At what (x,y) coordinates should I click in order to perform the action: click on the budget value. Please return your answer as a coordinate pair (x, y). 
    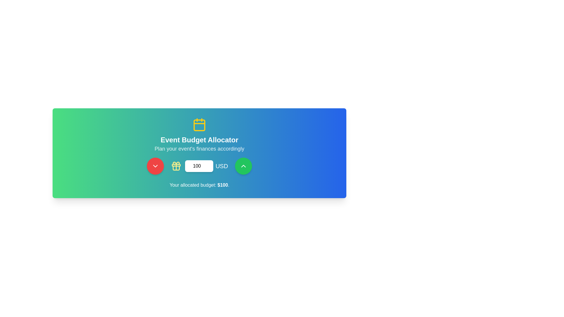
    Looking at the image, I should click on (199, 166).